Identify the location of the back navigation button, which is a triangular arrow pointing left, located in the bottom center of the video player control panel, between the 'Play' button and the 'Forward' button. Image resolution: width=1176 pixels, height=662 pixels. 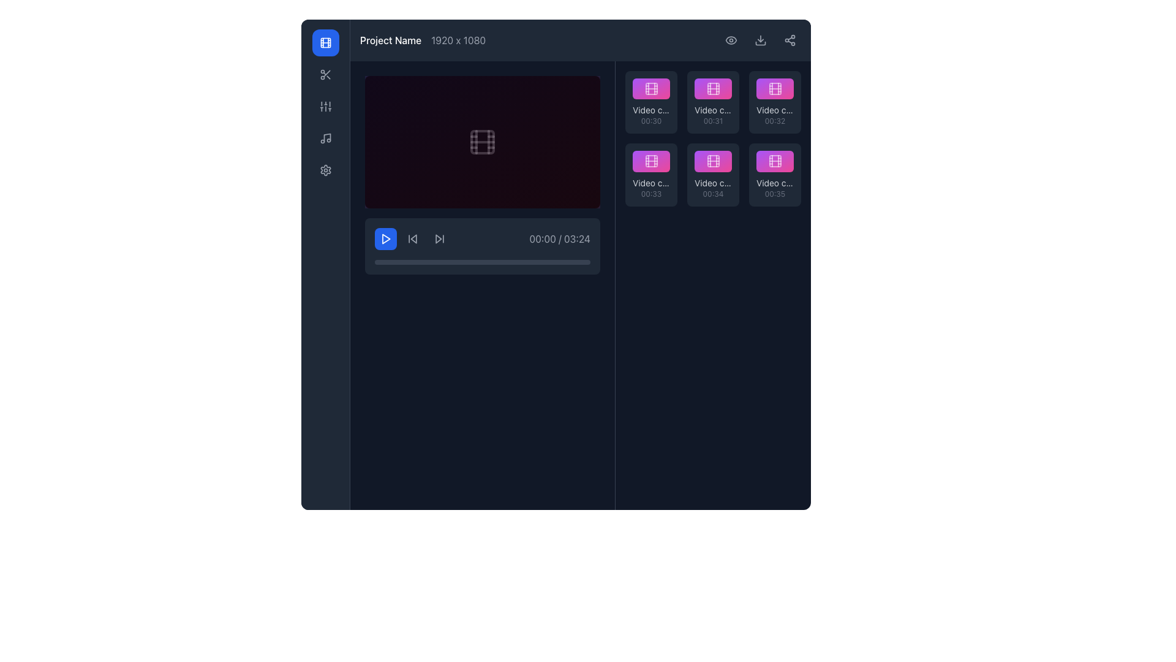
(412, 238).